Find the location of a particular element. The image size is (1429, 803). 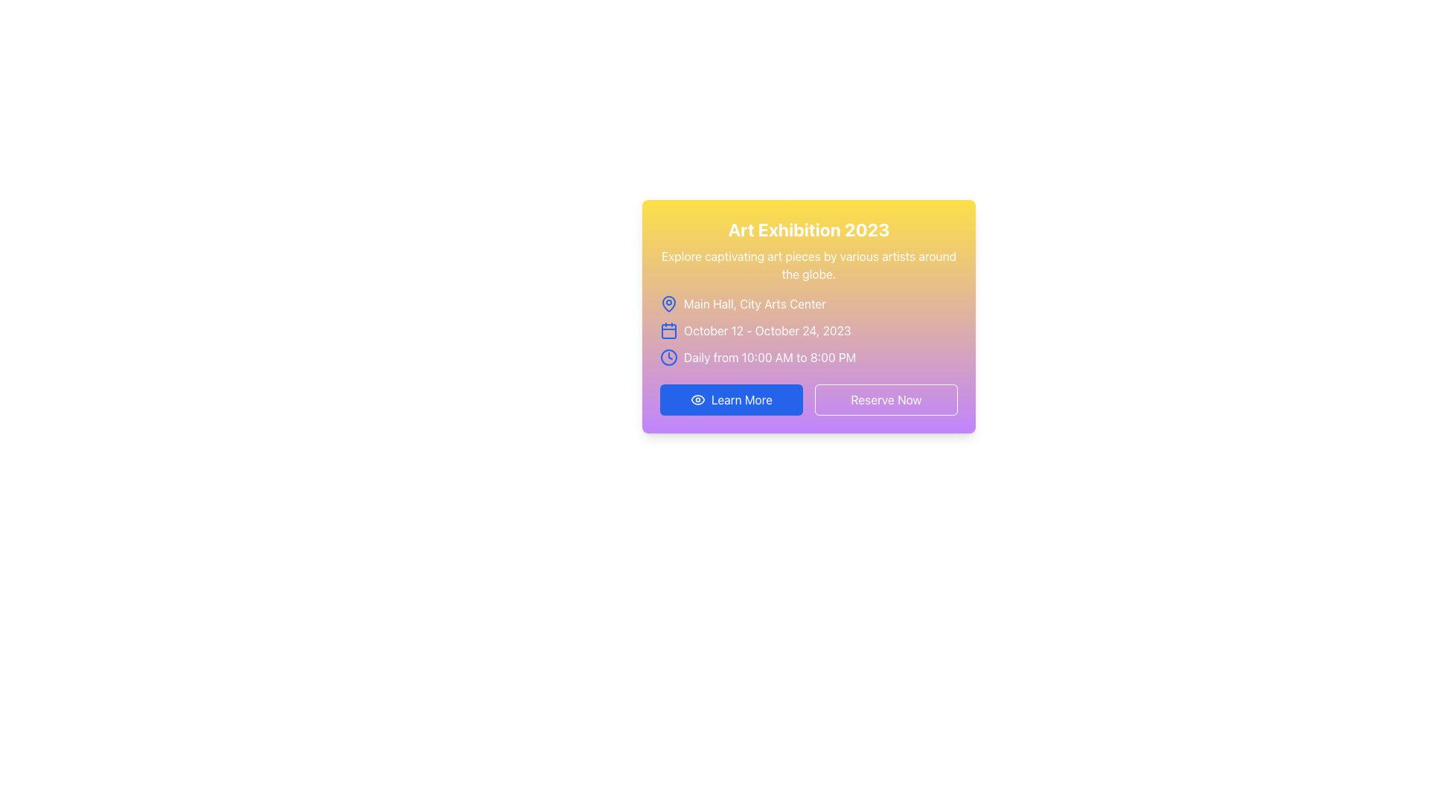

the map pin icon located to the left of the text 'Main Hall, City Arts Center' within the event detail card is located at coordinates (668, 303).